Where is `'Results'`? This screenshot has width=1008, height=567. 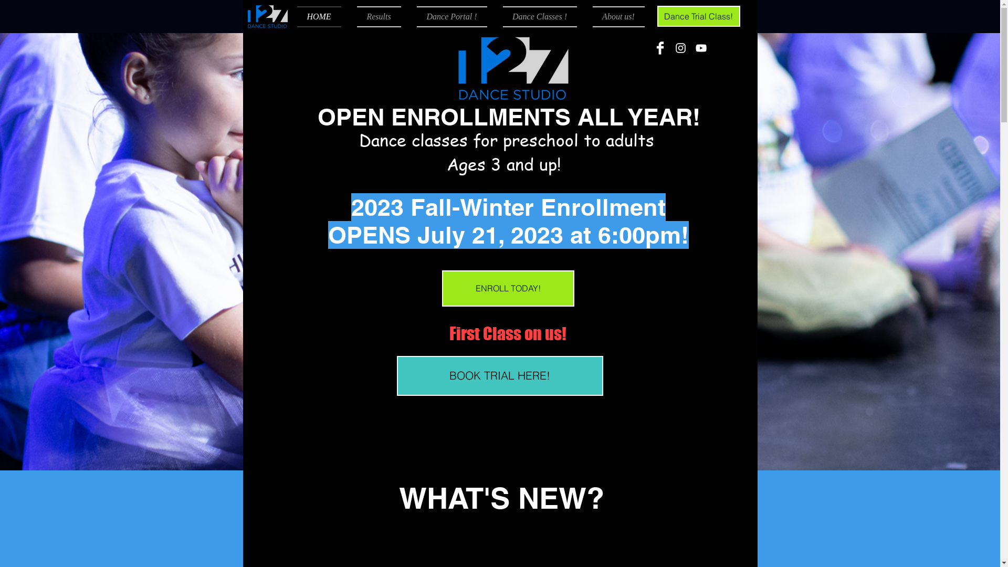 'Results' is located at coordinates (378, 16).